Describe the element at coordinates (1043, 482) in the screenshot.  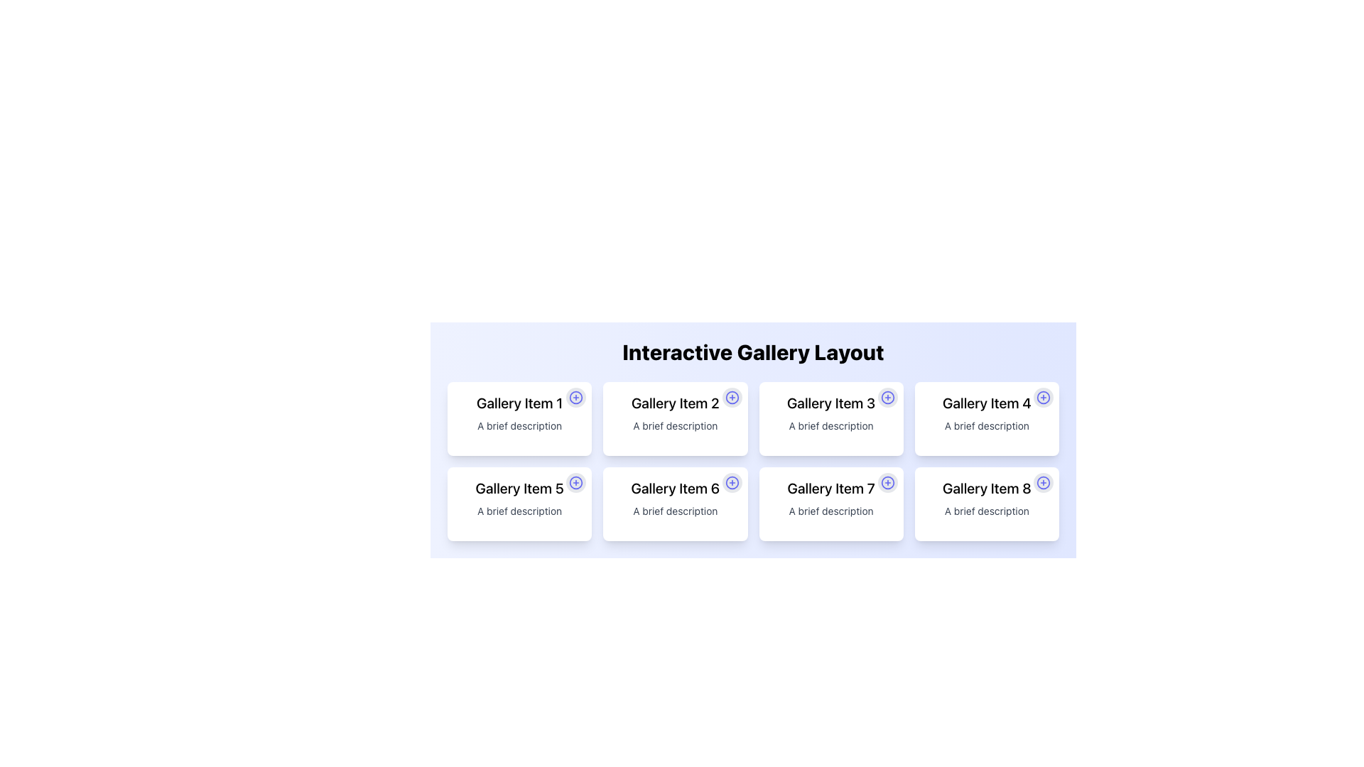
I see `the blue-stroked circle element with a plus symbol in its center, located in the bottom-right corner of the 'Gallery Item 8' card` at that location.